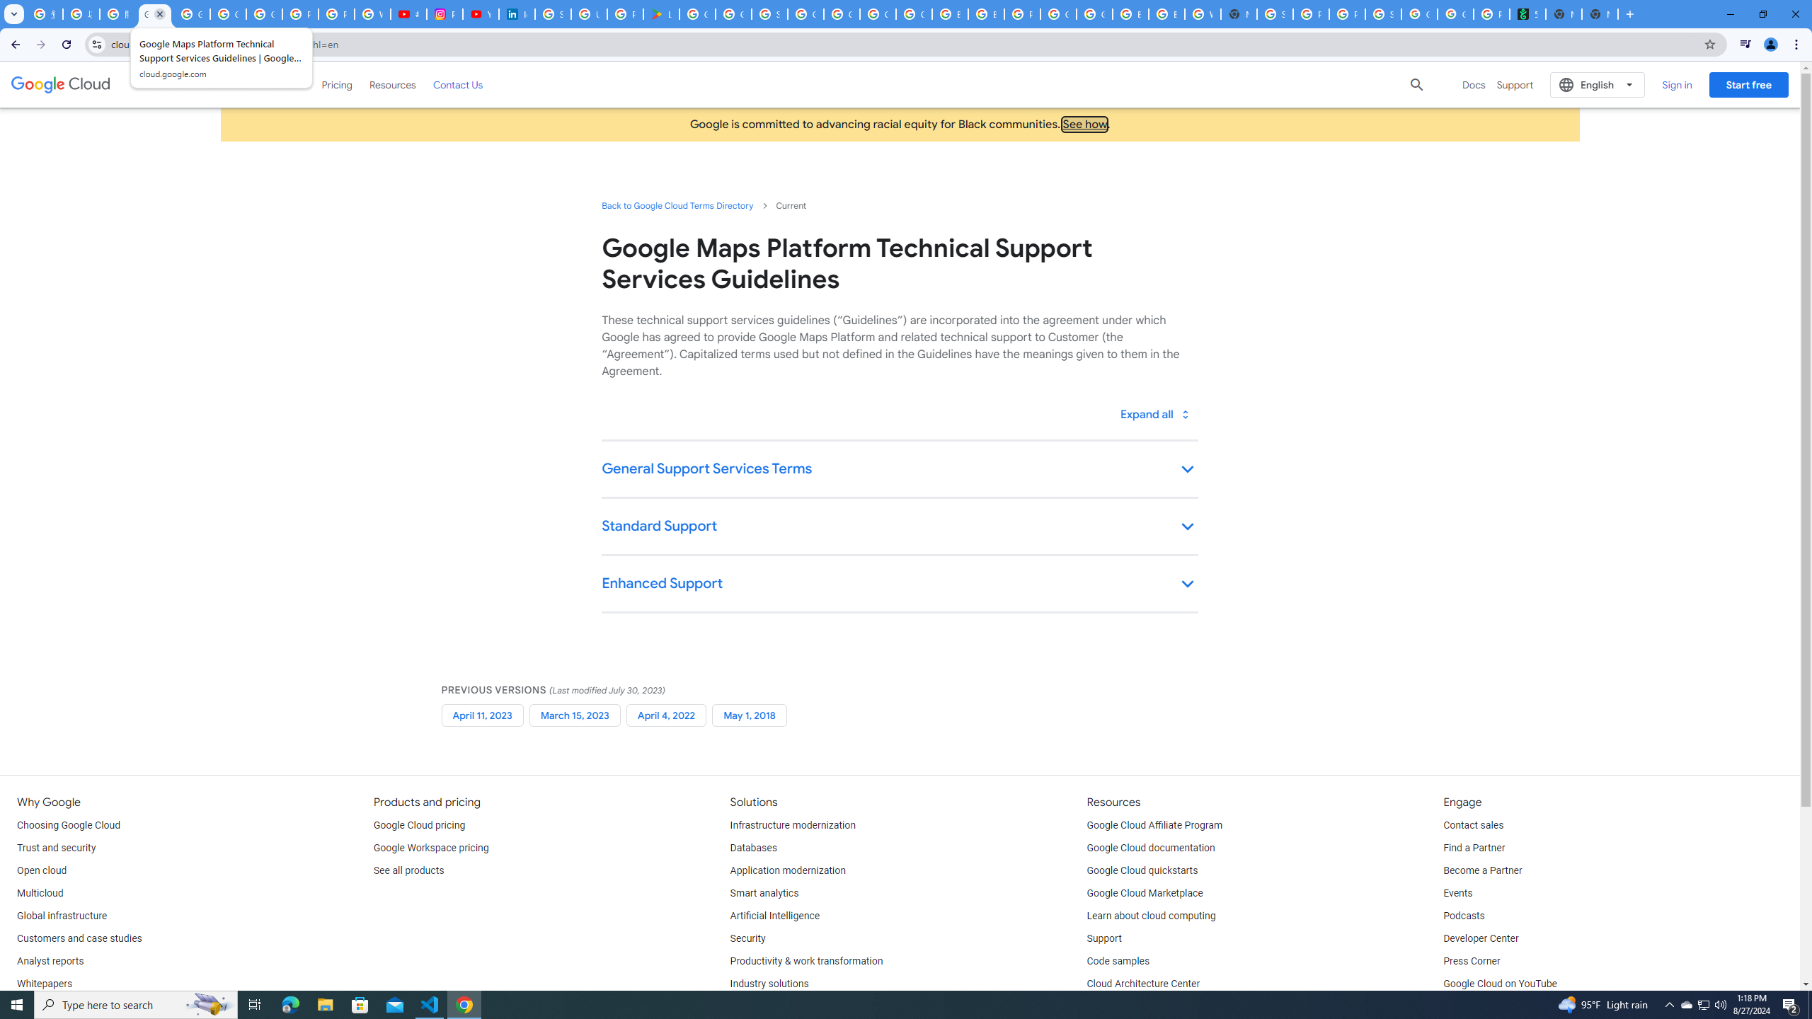 The height and width of the screenshot is (1019, 1812). I want to click on 'Infrastructure modernization', so click(793, 826).